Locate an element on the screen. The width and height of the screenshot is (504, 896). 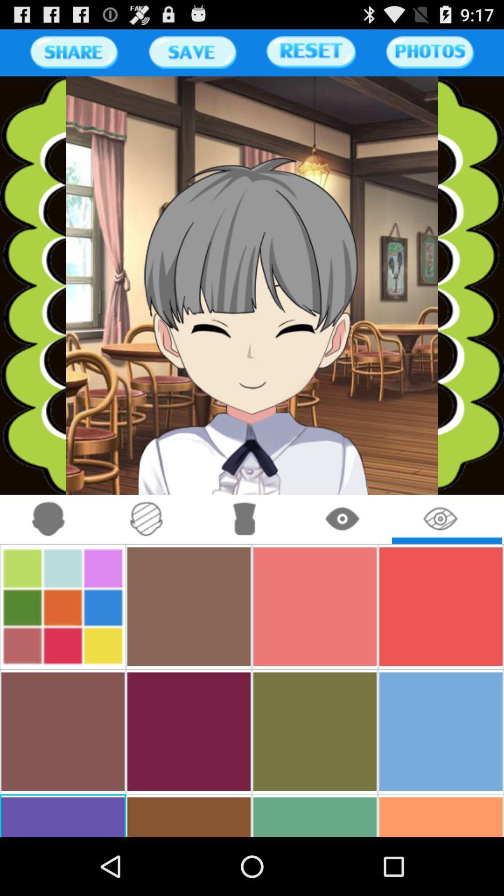
reset the app start over is located at coordinates (311, 52).